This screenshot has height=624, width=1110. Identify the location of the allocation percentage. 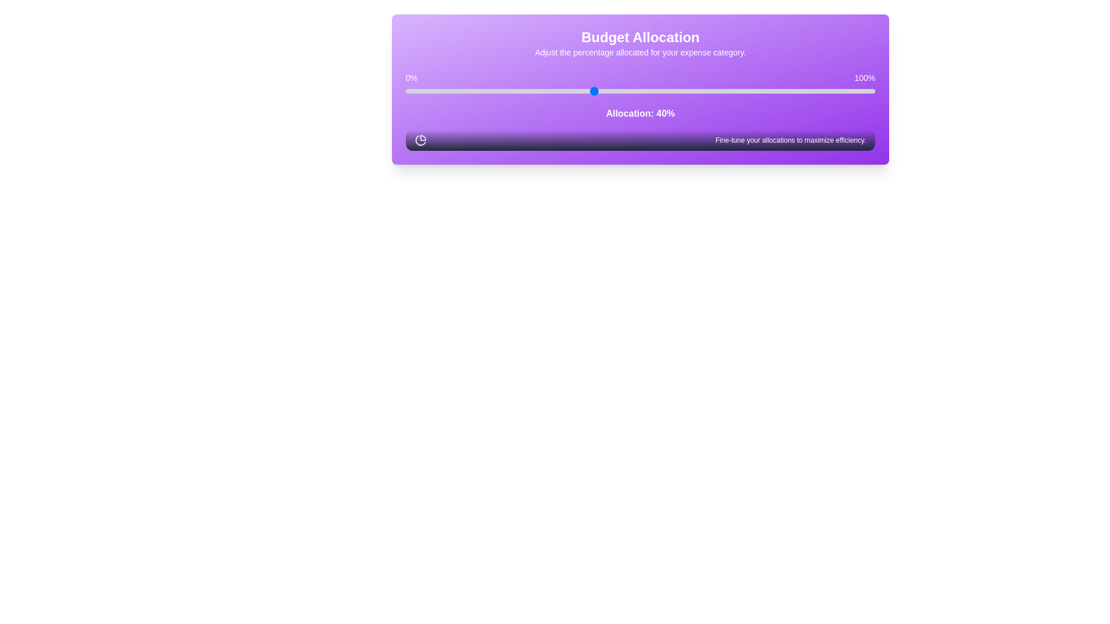
(753, 91).